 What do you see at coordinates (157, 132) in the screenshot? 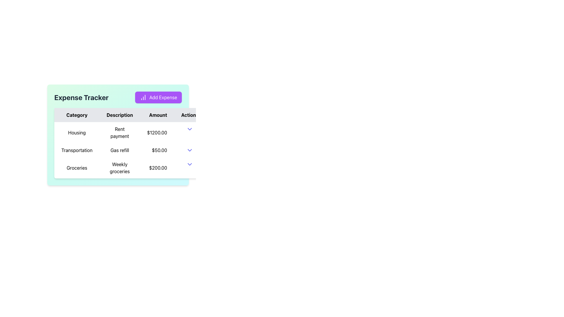
I see `the text display showing '$1200.00' in bold, black font, located in the 'Amount' column of the first row of the table layout` at bounding box center [157, 132].